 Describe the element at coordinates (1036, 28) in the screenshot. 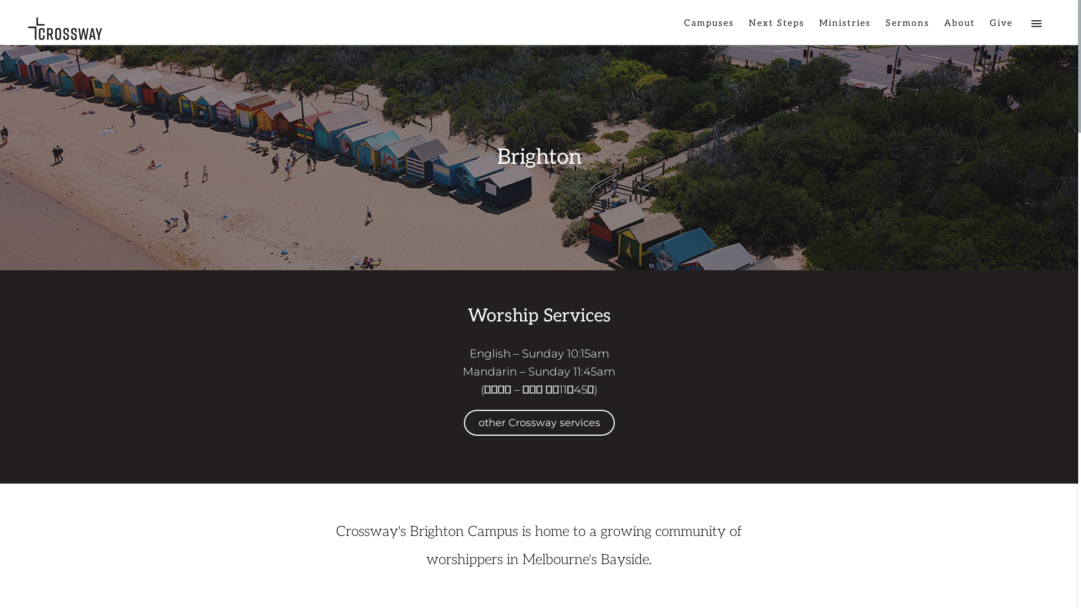

I see `'menu'` at that location.